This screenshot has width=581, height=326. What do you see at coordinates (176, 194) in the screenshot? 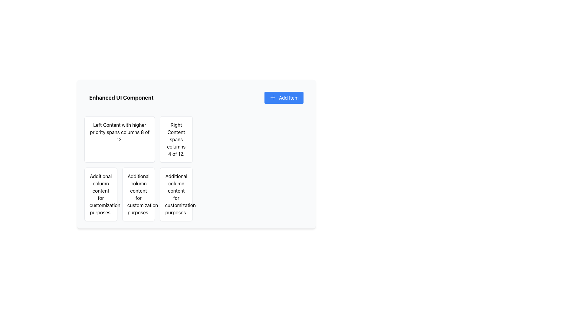
I see `the Informational card located in the fourth column of the second row in a grid layout, which is static and used for content customization` at bounding box center [176, 194].